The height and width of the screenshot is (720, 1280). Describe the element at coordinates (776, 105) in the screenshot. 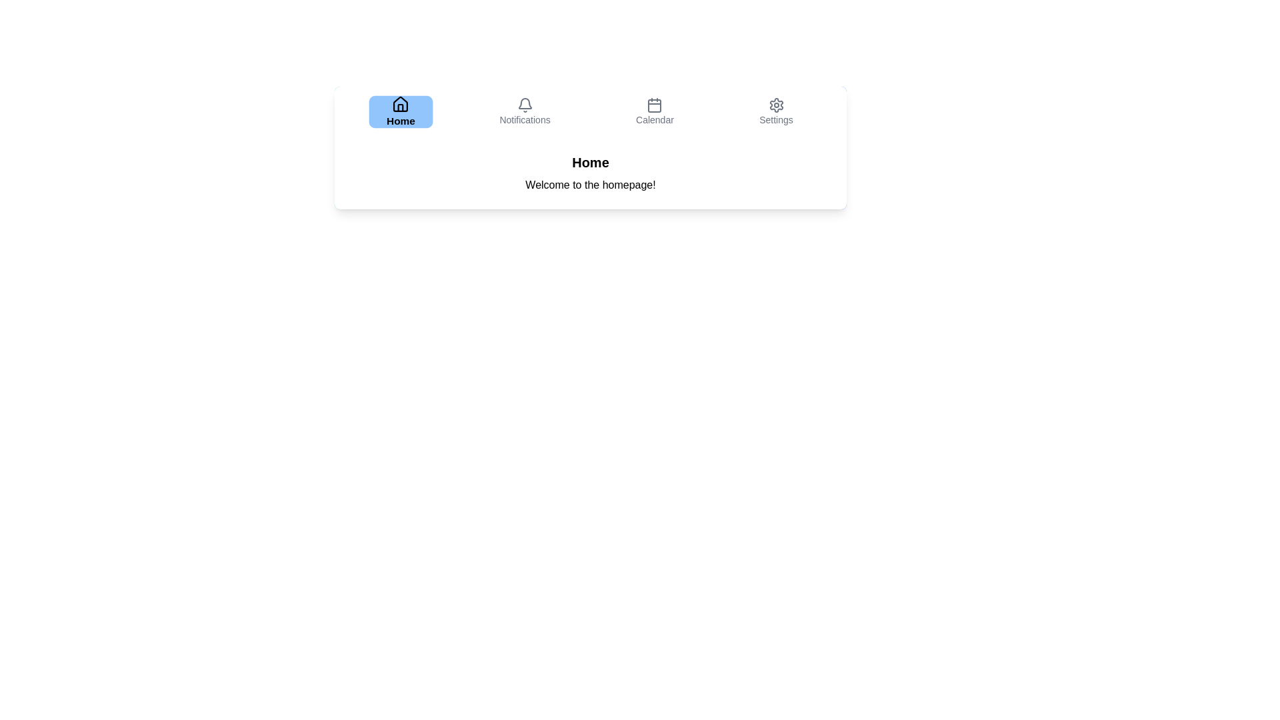

I see `the settings icon located in the top-right part of the interface` at that location.